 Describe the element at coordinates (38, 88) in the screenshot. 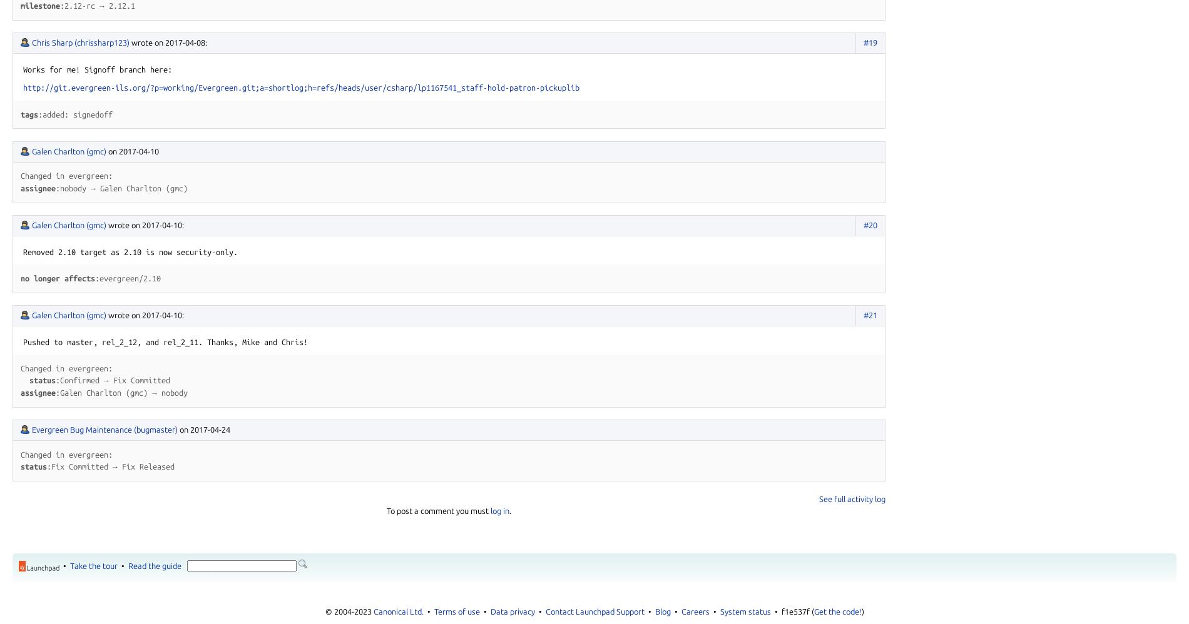

I see `'http://'` at that location.